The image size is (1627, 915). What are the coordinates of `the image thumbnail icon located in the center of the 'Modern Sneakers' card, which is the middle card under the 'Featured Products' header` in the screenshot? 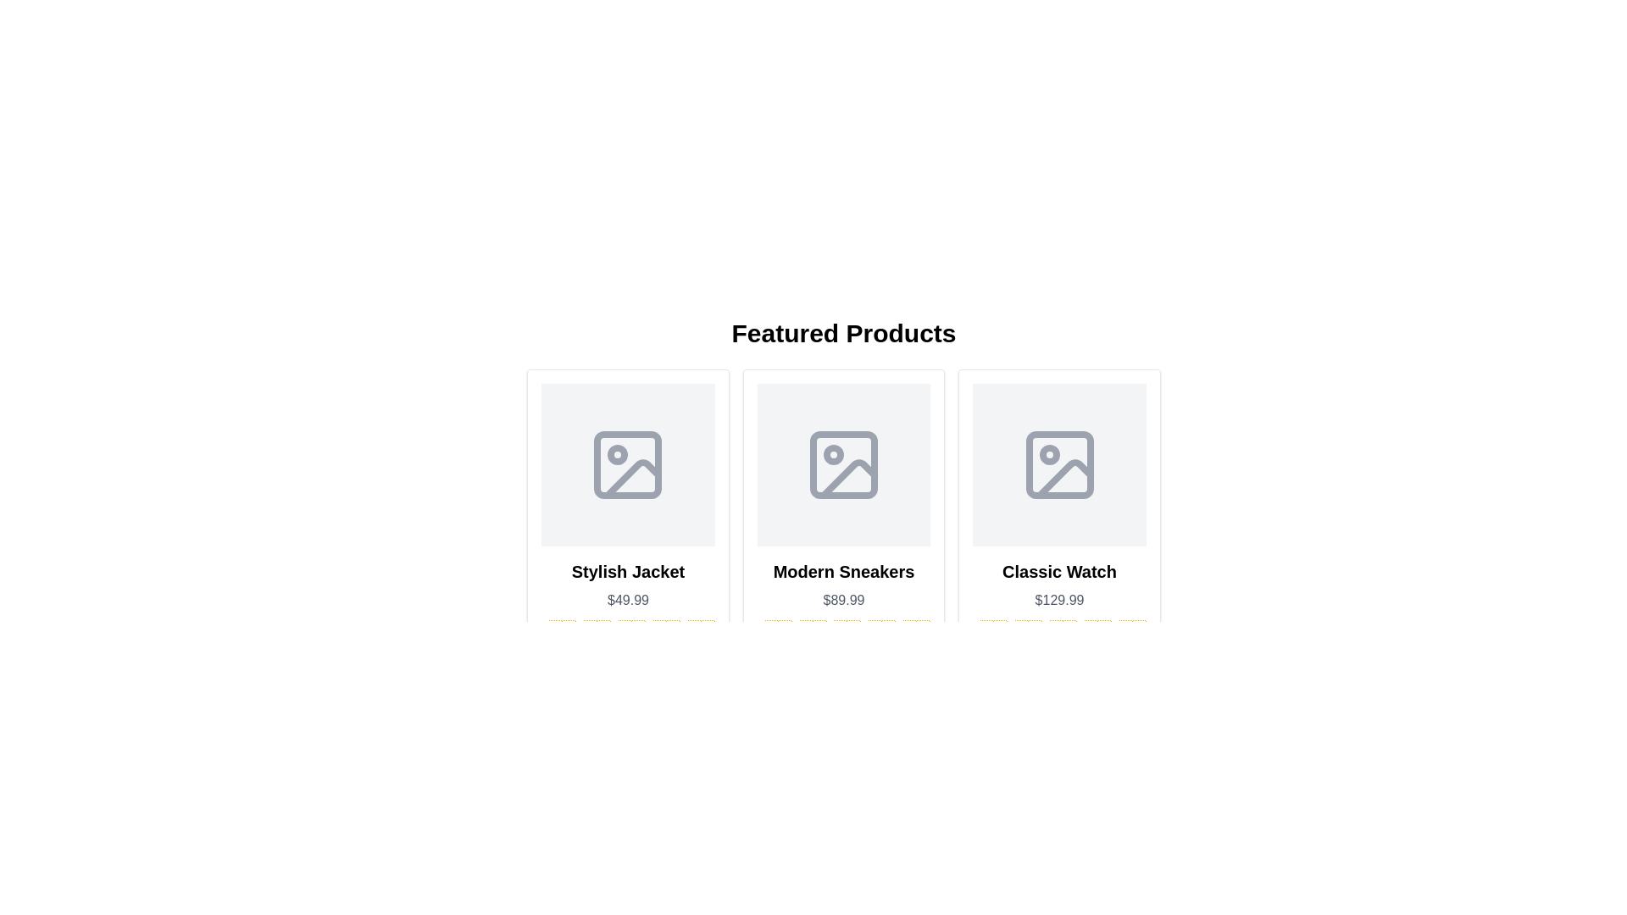 It's located at (844, 464).